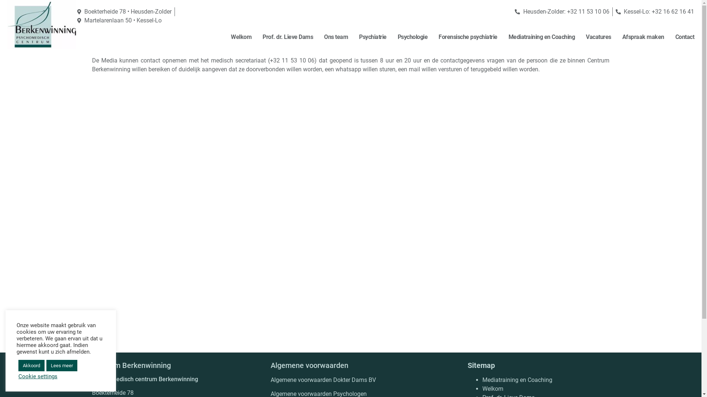 Image resolution: width=707 pixels, height=397 pixels. Describe the element at coordinates (323, 380) in the screenshot. I see `'Algemene voorwaarden Dokter Dams BV'` at that location.